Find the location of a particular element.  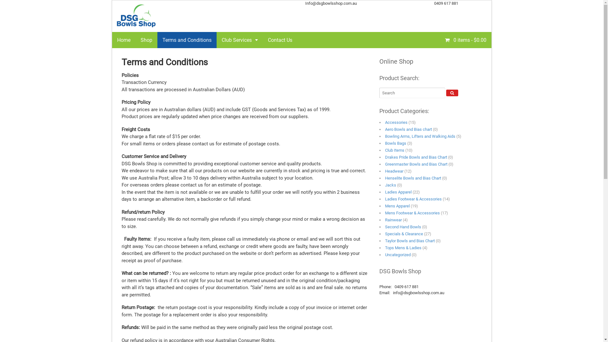

'0 items - $0.00' is located at coordinates (439, 39).